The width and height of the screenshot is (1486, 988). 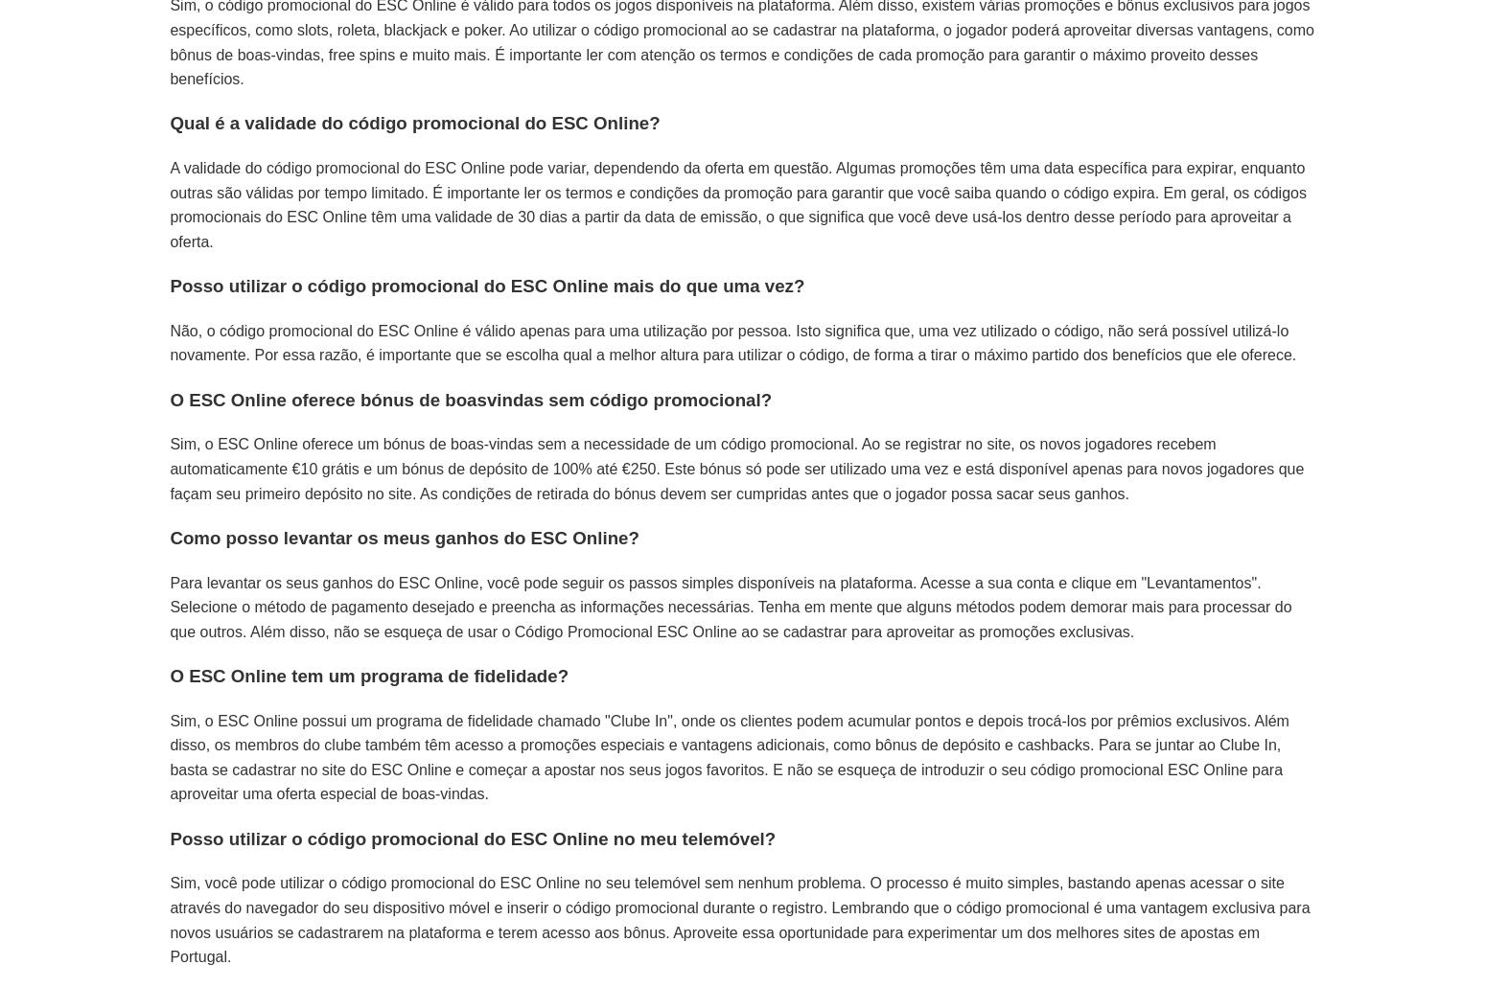 I want to click on 'Não, o código promocional do ESC Online é válido apenas para uma utilização por pessoa. Isto significa que, uma vez utilizado o código, não será possível utilizá-lo novamente. Por essa razão, é importante que se escolha qual a melhor altura para utilizar o código, de forma a tirar o máximo partido dos benefícios que ele oferece.', so click(x=732, y=341).